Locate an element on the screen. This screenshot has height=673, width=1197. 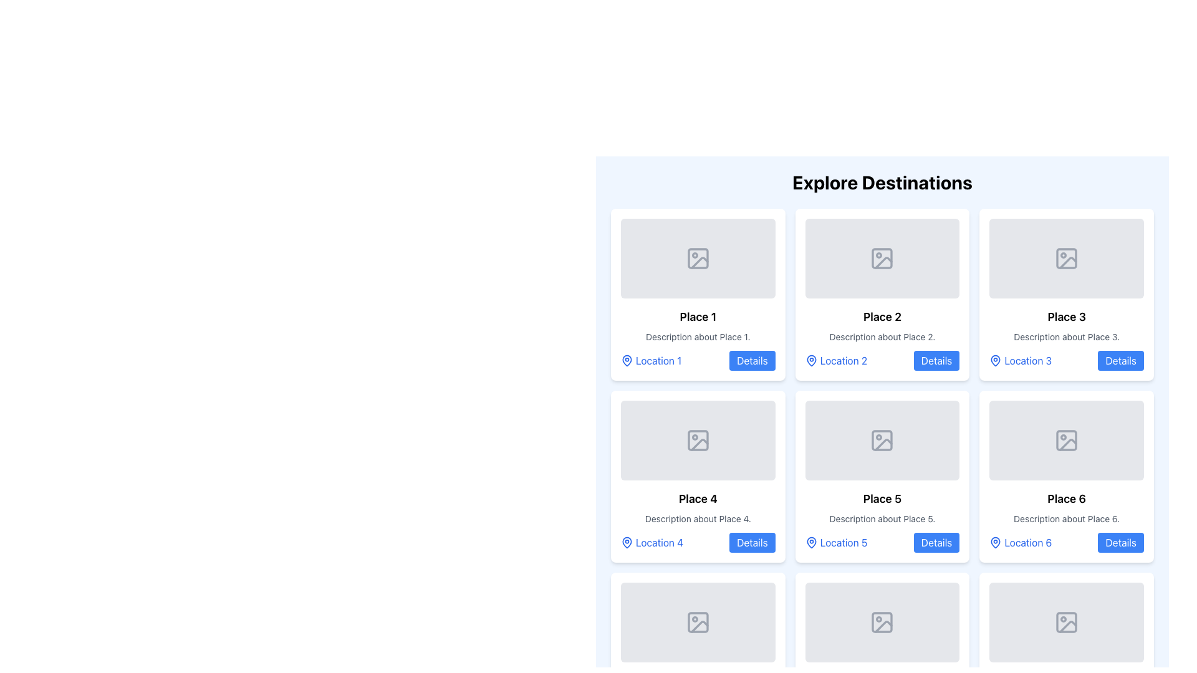
the blue text link with a map pin icon located at the bottom-left section of the second card in the grid layout is located at coordinates (835, 360).